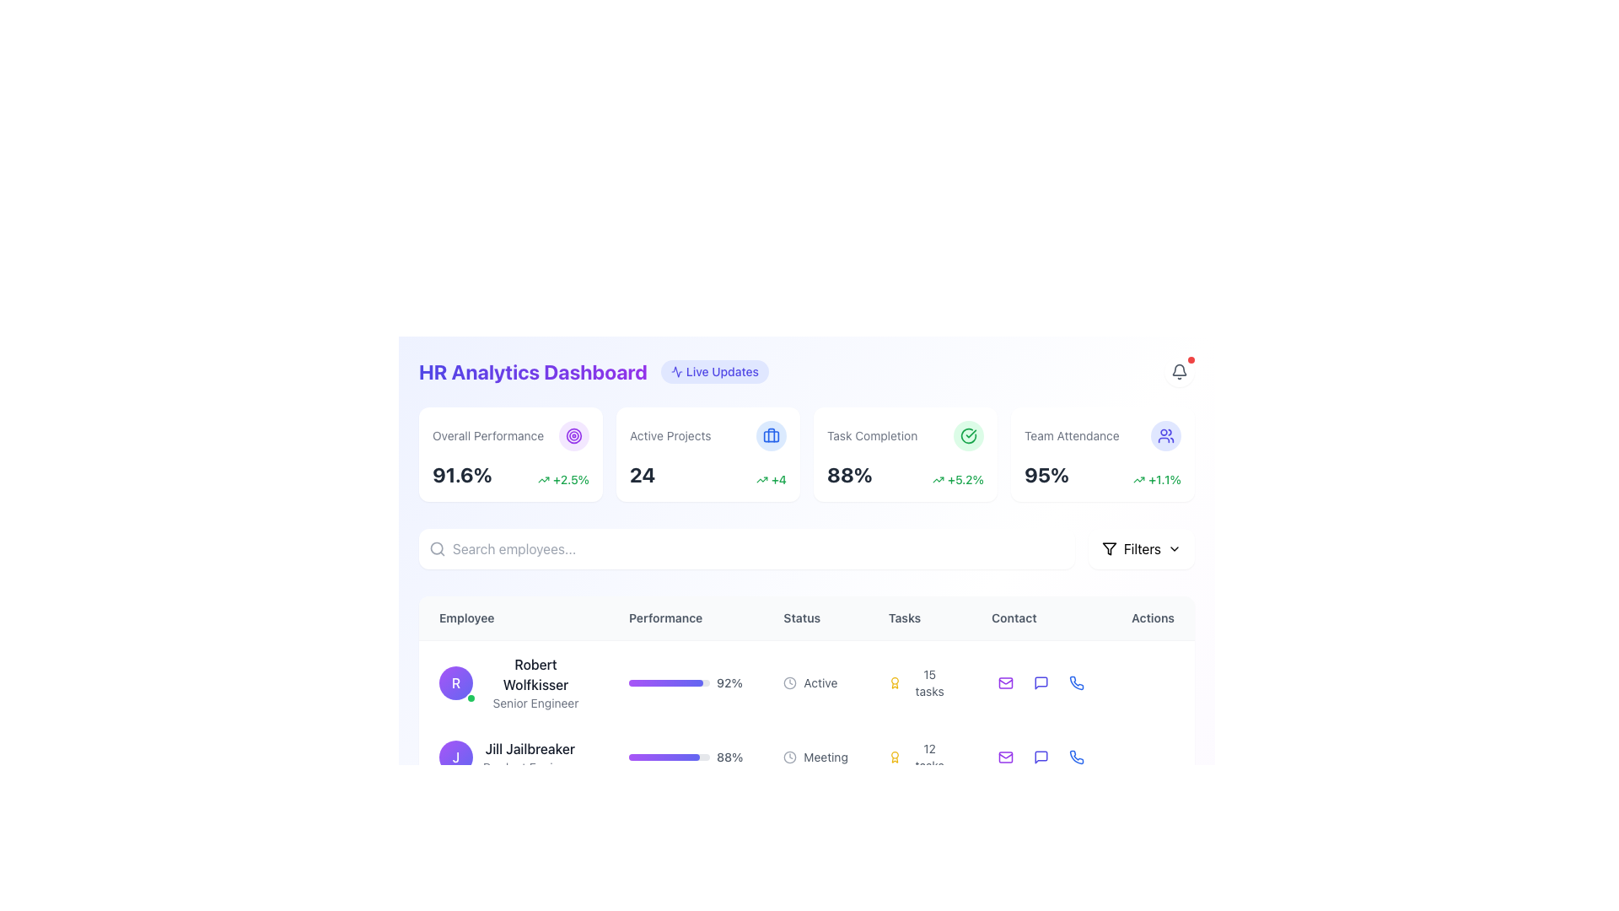 This screenshot has width=1619, height=911. I want to click on the status label of the HR Analytics Dashboard, which serves as a title and status indicator for the dashboard, so click(594, 370).